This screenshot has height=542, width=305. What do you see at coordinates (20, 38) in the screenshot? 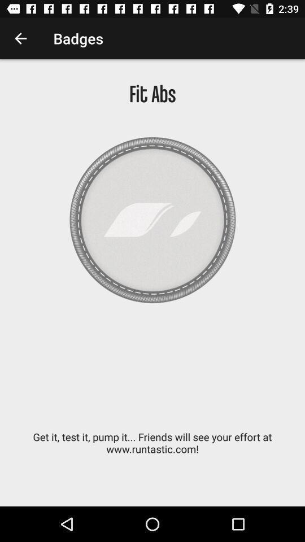
I see `the icon above the fit abs` at bounding box center [20, 38].